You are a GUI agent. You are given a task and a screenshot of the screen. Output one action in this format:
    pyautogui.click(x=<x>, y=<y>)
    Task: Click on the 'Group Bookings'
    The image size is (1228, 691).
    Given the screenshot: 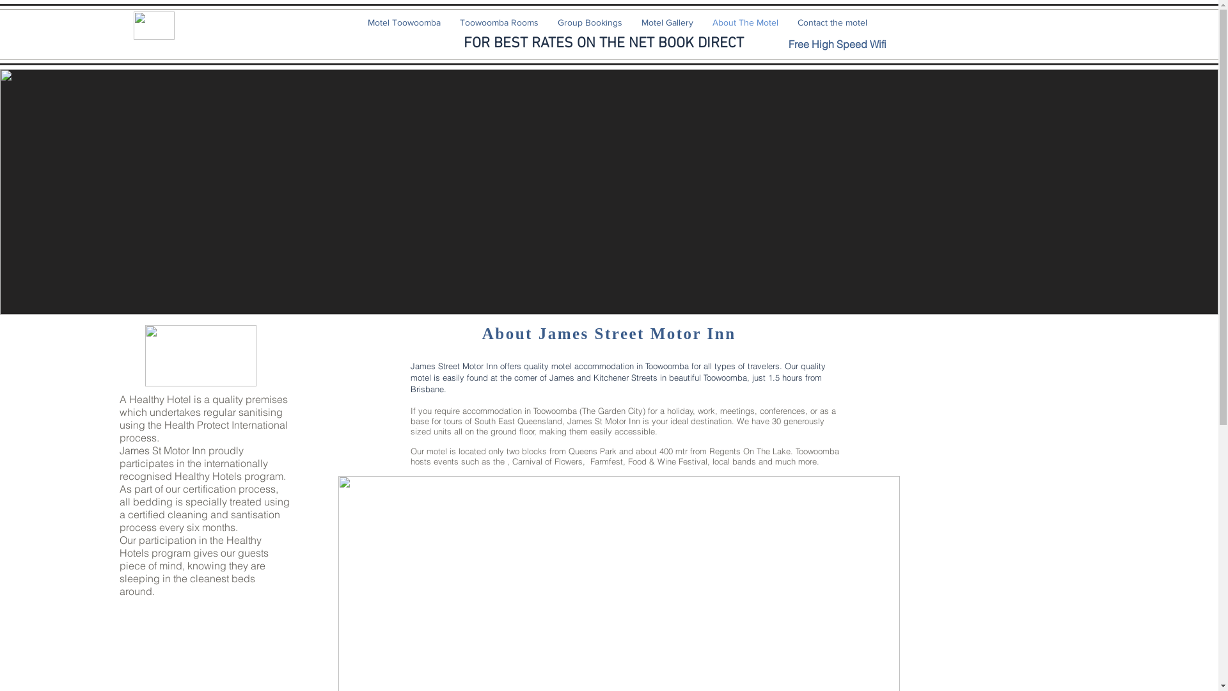 What is the action you would take?
    pyautogui.click(x=547, y=22)
    